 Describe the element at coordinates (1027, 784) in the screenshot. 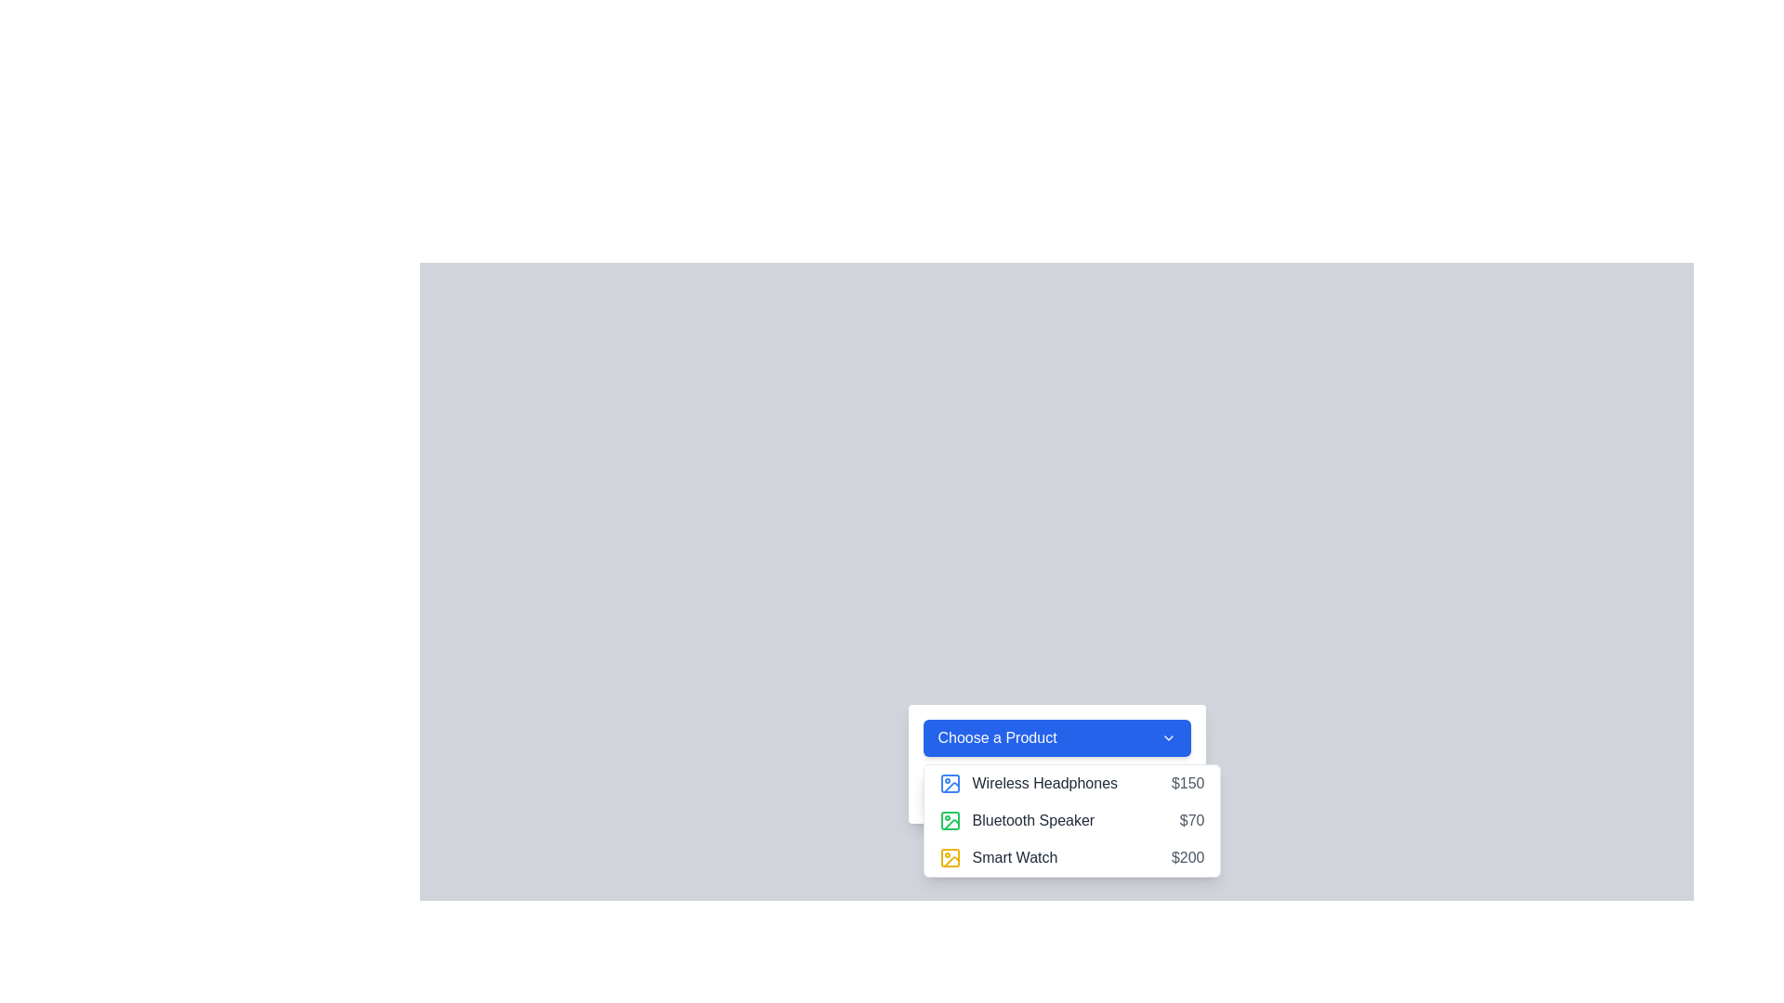

I see `the list item displaying product information for 'Wireless Headphones' in the dropdown menu under 'Choose a Product'` at that location.